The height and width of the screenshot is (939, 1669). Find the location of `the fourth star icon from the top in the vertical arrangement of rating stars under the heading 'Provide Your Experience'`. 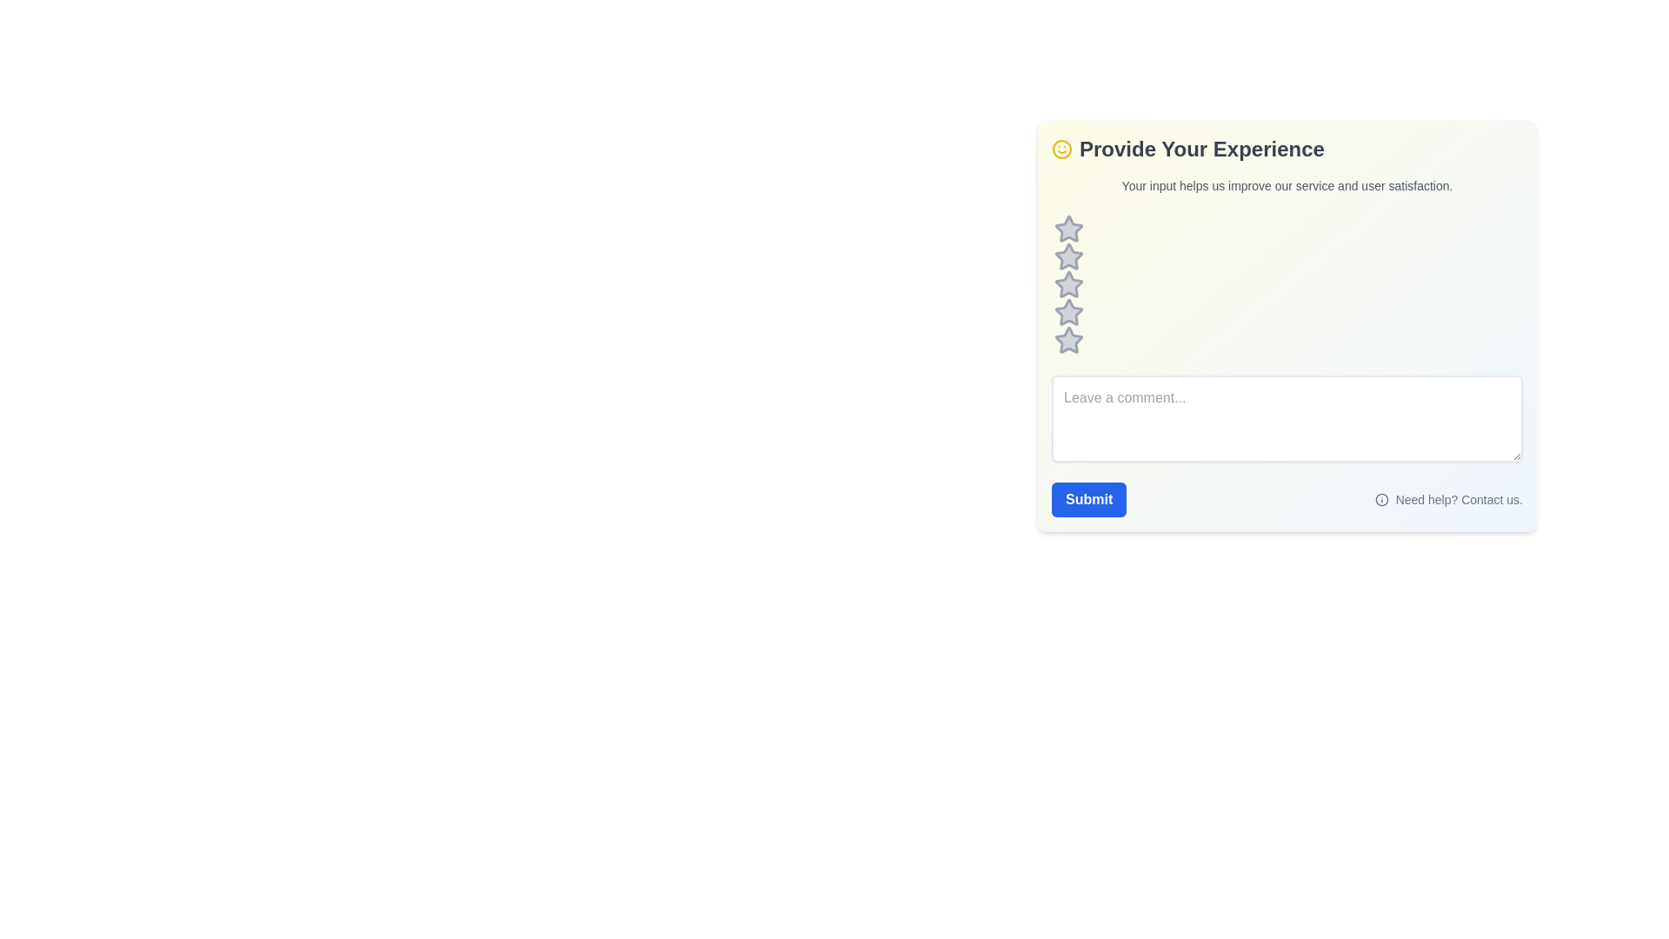

the fourth star icon from the top in the vertical arrangement of rating stars under the heading 'Provide Your Experience' is located at coordinates (1067, 283).